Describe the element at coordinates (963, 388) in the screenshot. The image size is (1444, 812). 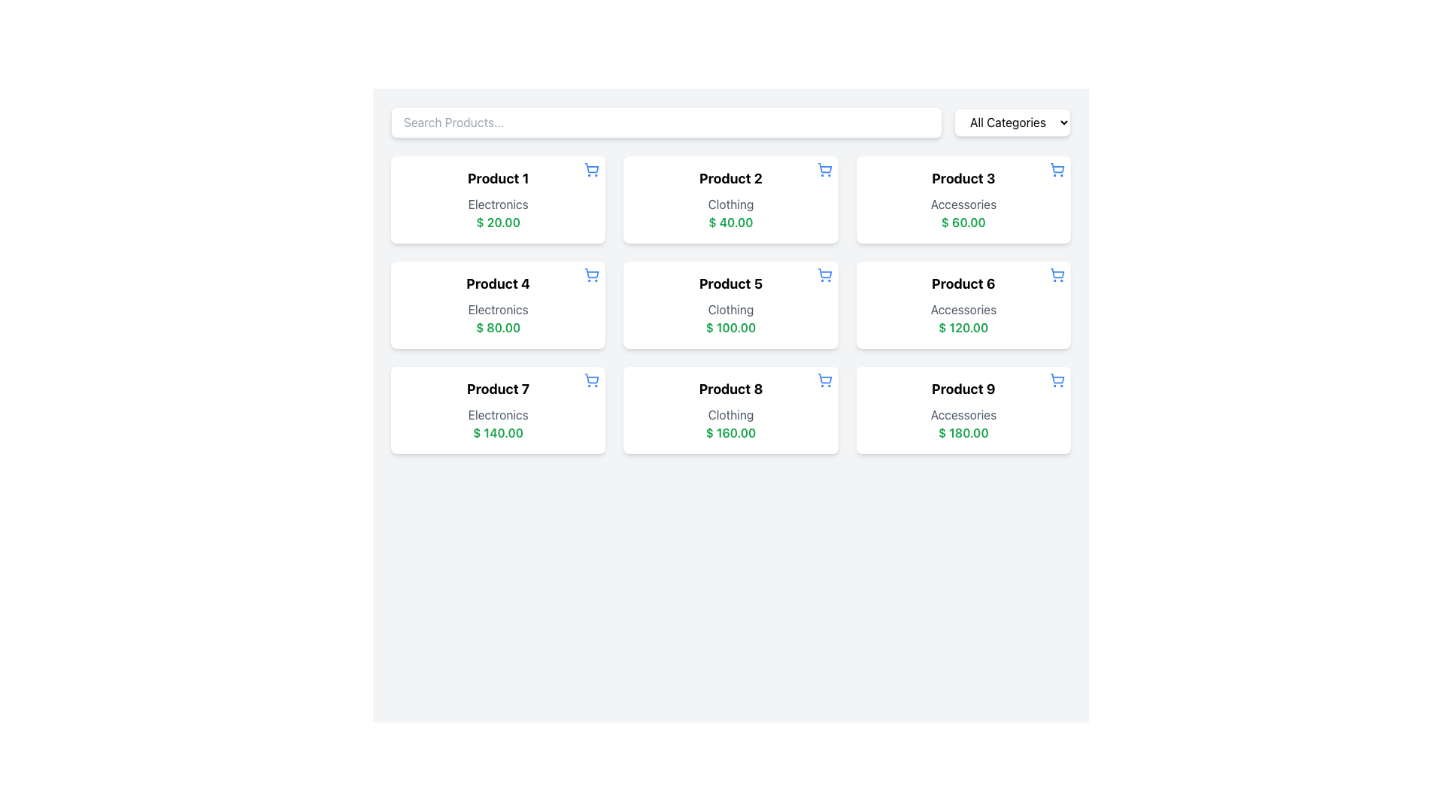
I see `the product title text located in the bottom-right corner of the grid layout, which is above the description 'Accessories' and the price '$180.00'` at that location.